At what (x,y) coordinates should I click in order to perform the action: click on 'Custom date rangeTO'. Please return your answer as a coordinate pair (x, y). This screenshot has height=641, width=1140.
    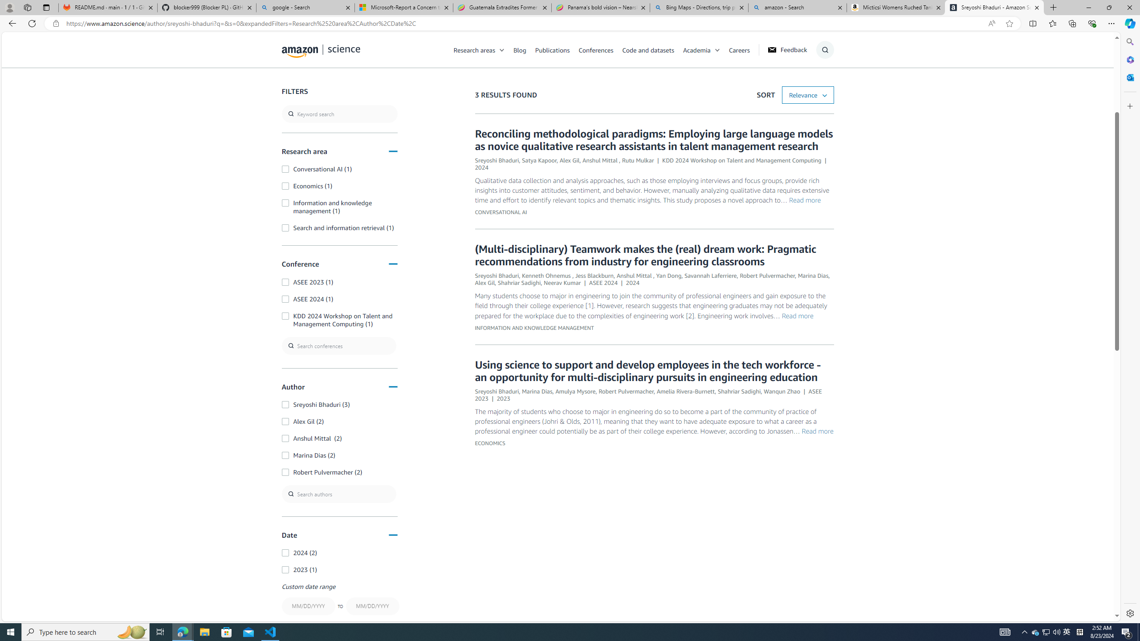
    Looking at the image, I should click on (339, 600).